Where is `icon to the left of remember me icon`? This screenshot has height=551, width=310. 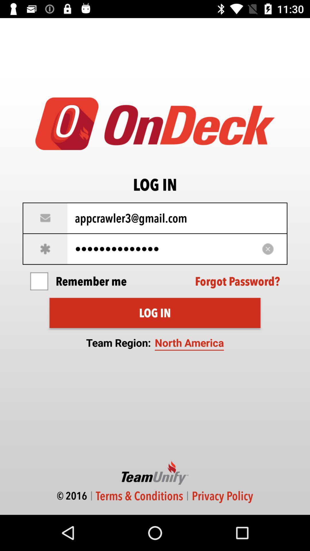
icon to the left of remember me icon is located at coordinates (39, 281).